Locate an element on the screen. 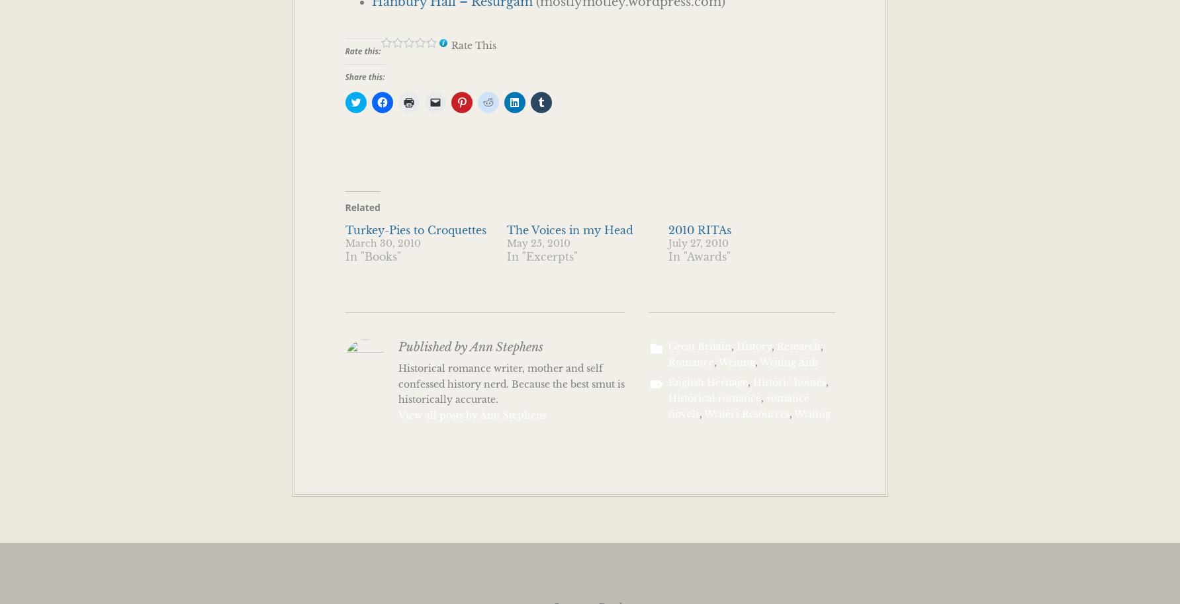  'Great Britain' is located at coordinates (699, 345).